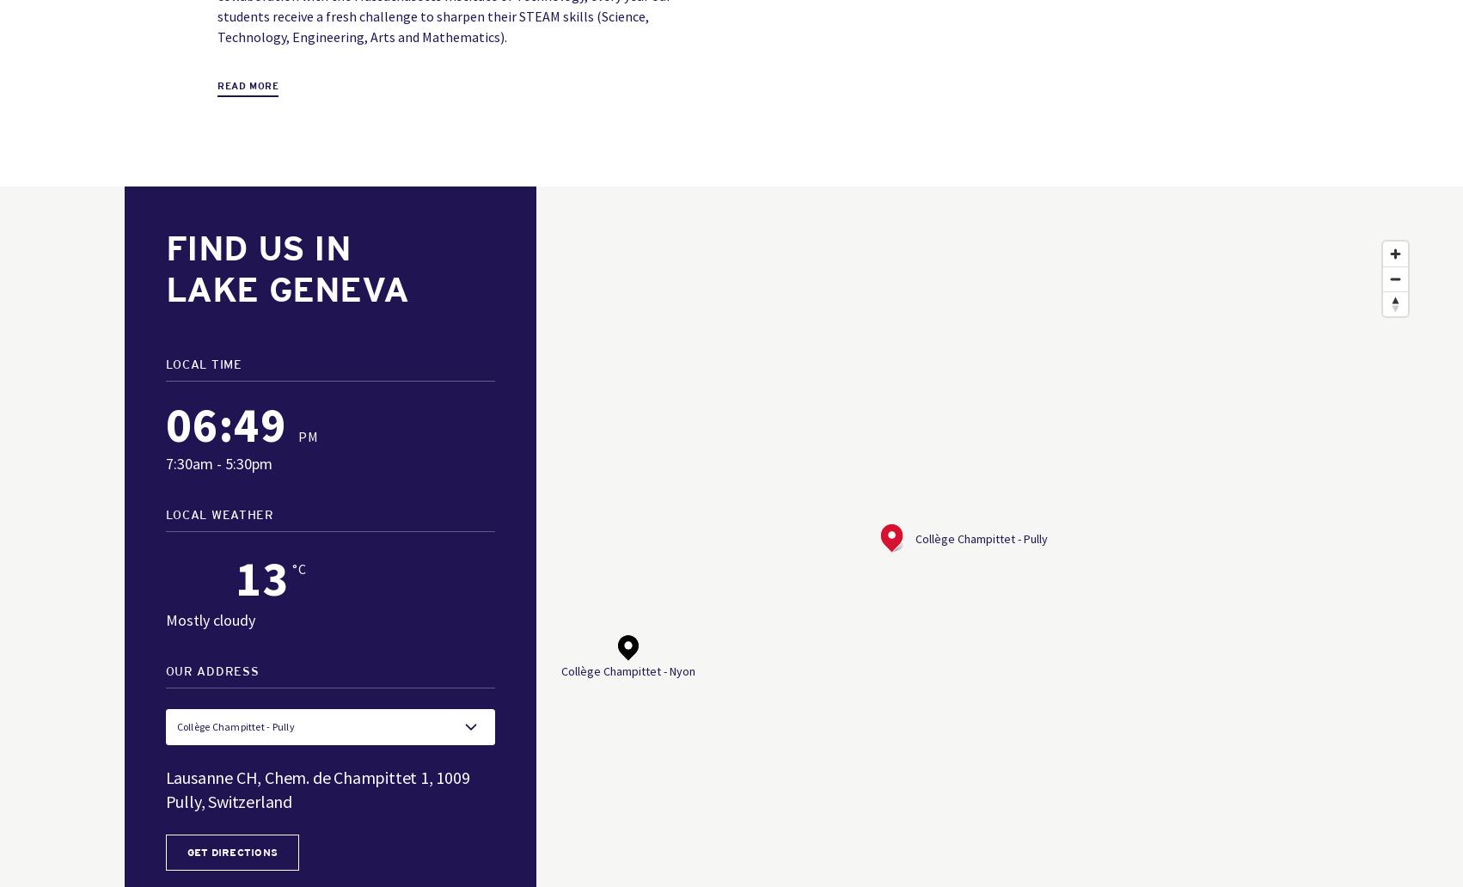  What do you see at coordinates (211, 672) in the screenshot?
I see `'OUR ADDRESS'` at bounding box center [211, 672].